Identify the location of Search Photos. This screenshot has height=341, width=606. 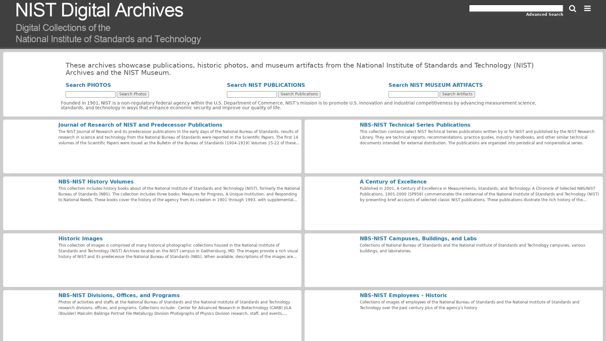
(133, 94).